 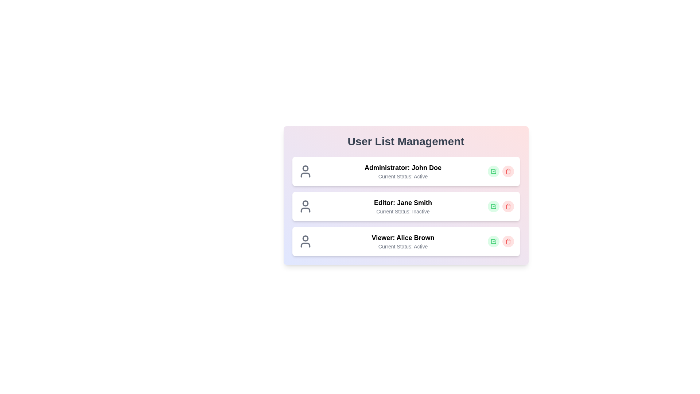 What do you see at coordinates (402, 237) in the screenshot?
I see `text label displaying 'Viewer: Alice Brown', which is styled in bold and larger font and is part of the user management interface` at bounding box center [402, 237].